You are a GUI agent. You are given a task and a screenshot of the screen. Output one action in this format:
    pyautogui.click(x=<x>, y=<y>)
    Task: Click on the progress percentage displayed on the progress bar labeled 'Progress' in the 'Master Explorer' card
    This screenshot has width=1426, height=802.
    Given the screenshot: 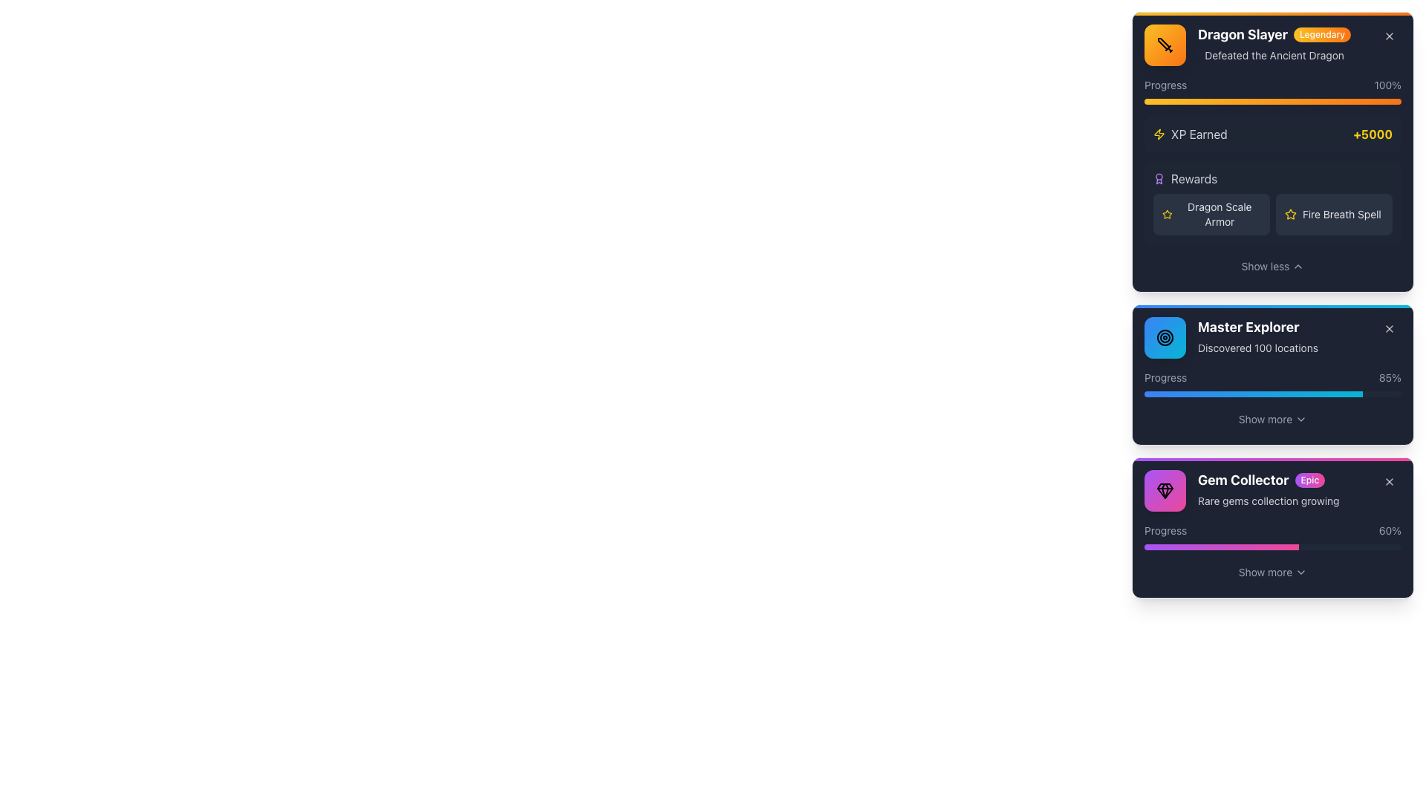 What is the action you would take?
    pyautogui.click(x=1272, y=382)
    